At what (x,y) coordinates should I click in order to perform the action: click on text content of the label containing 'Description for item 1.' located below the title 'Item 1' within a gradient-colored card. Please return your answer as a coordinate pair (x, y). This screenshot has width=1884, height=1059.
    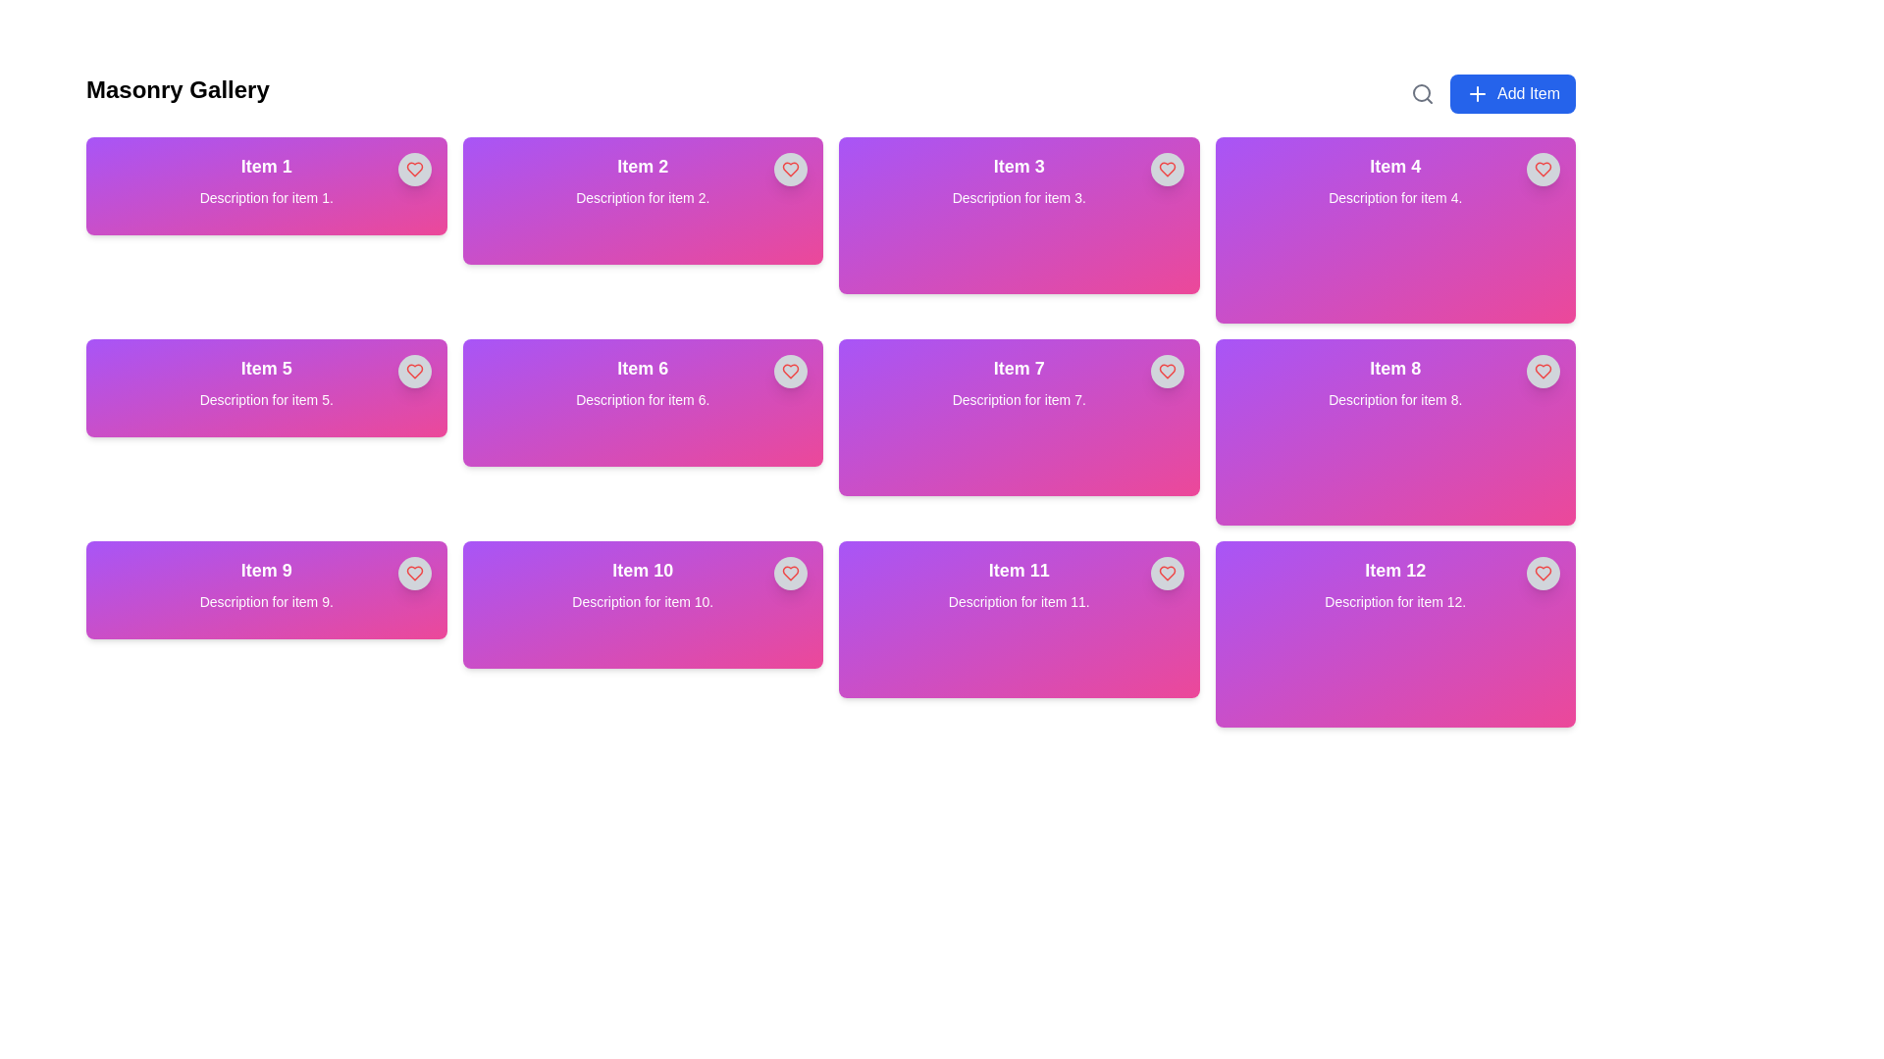
    Looking at the image, I should click on (265, 197).